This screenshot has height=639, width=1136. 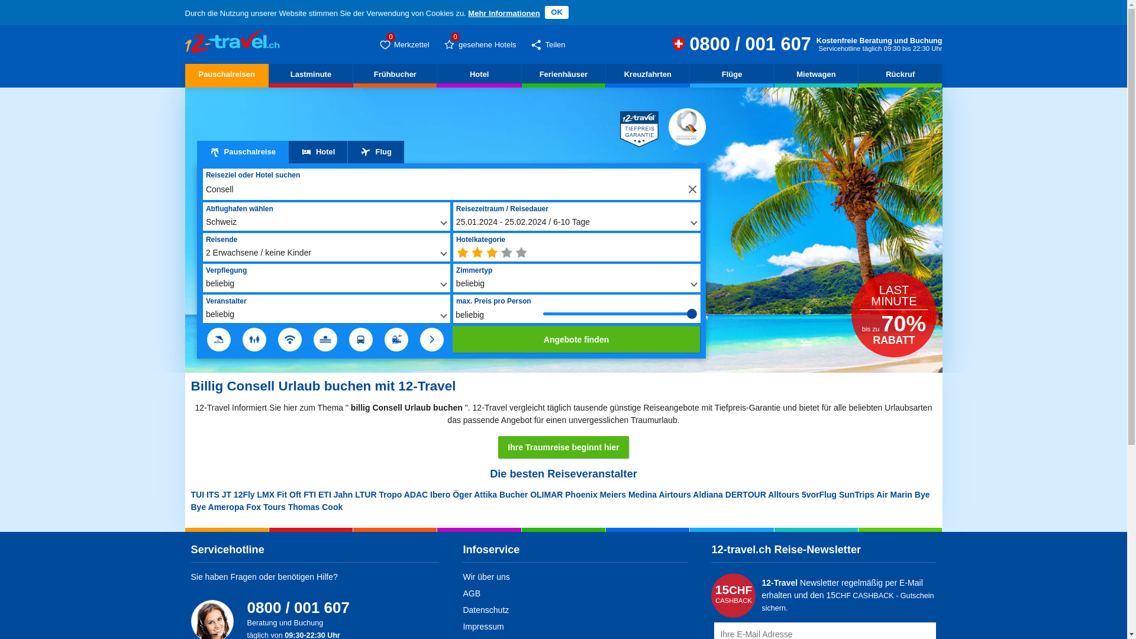 I want to click on 'Pauschalreisen', so click(x=226, y=75).